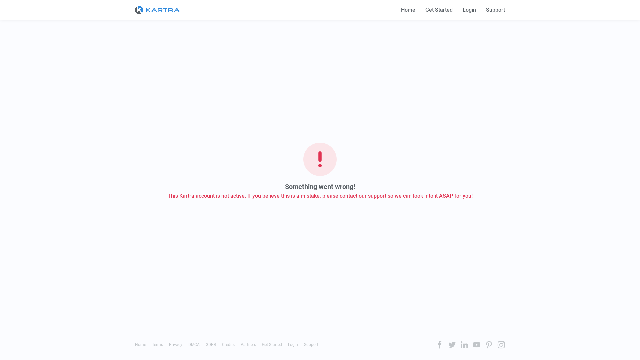 The width and height of the screenshot is (640, 360). Describe the element at coordinates (210, 344) in the screenshot. I see `'GDPR'` at that location.